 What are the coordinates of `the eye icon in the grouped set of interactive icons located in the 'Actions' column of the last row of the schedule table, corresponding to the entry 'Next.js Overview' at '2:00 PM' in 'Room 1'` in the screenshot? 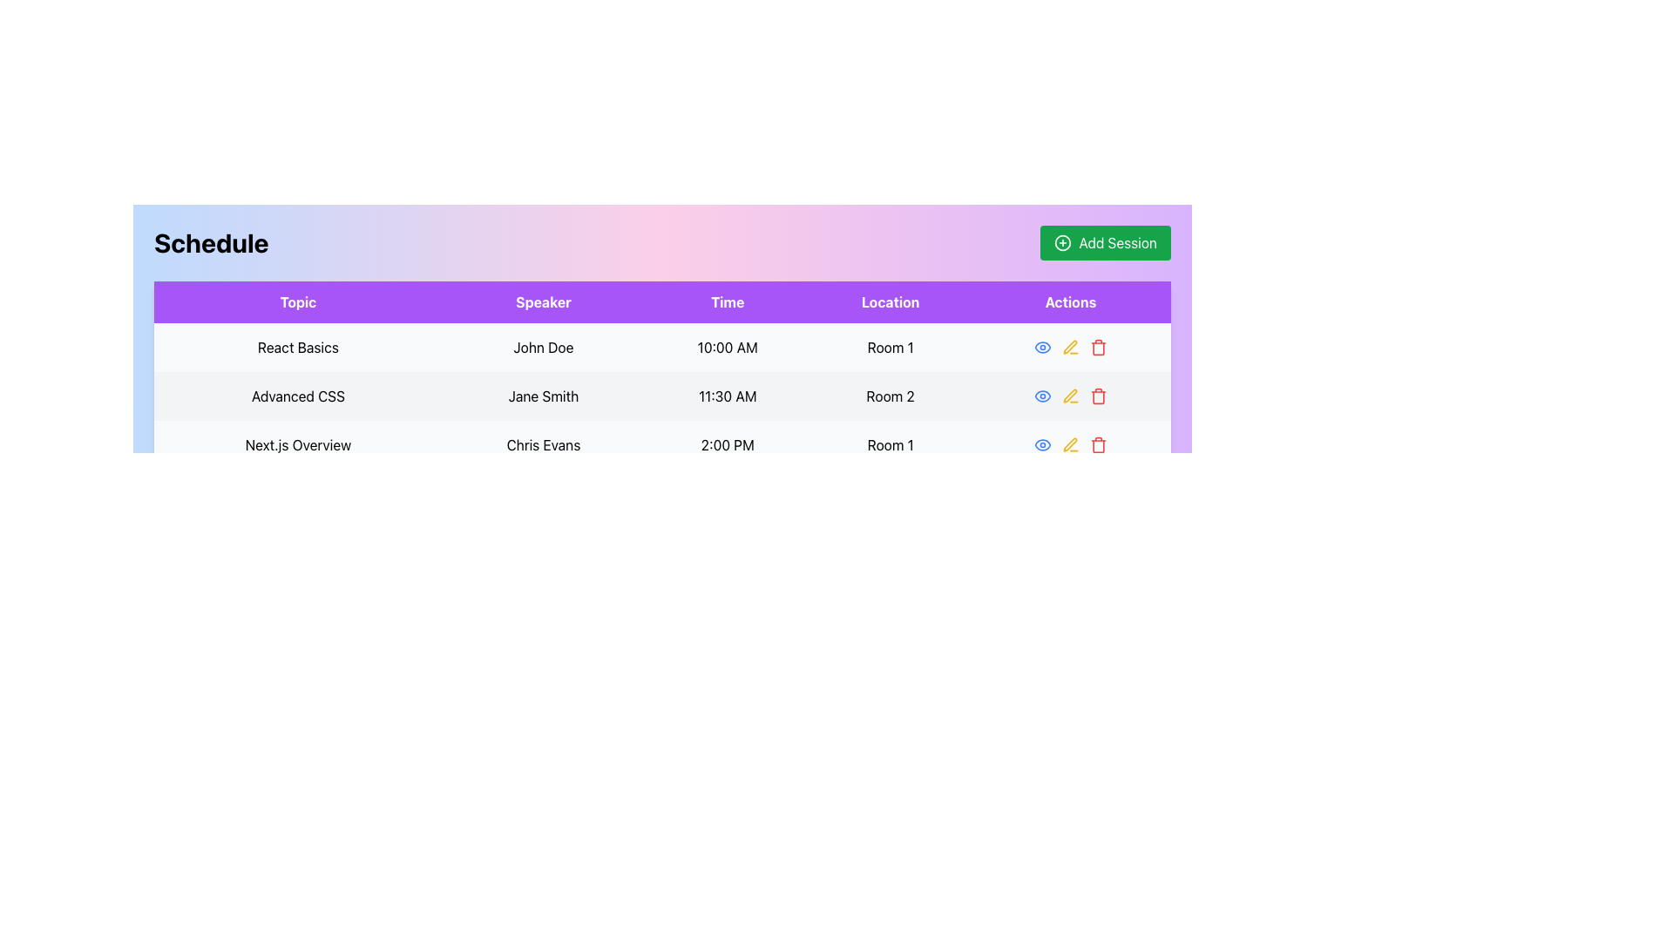 It's located at (1069, 443).